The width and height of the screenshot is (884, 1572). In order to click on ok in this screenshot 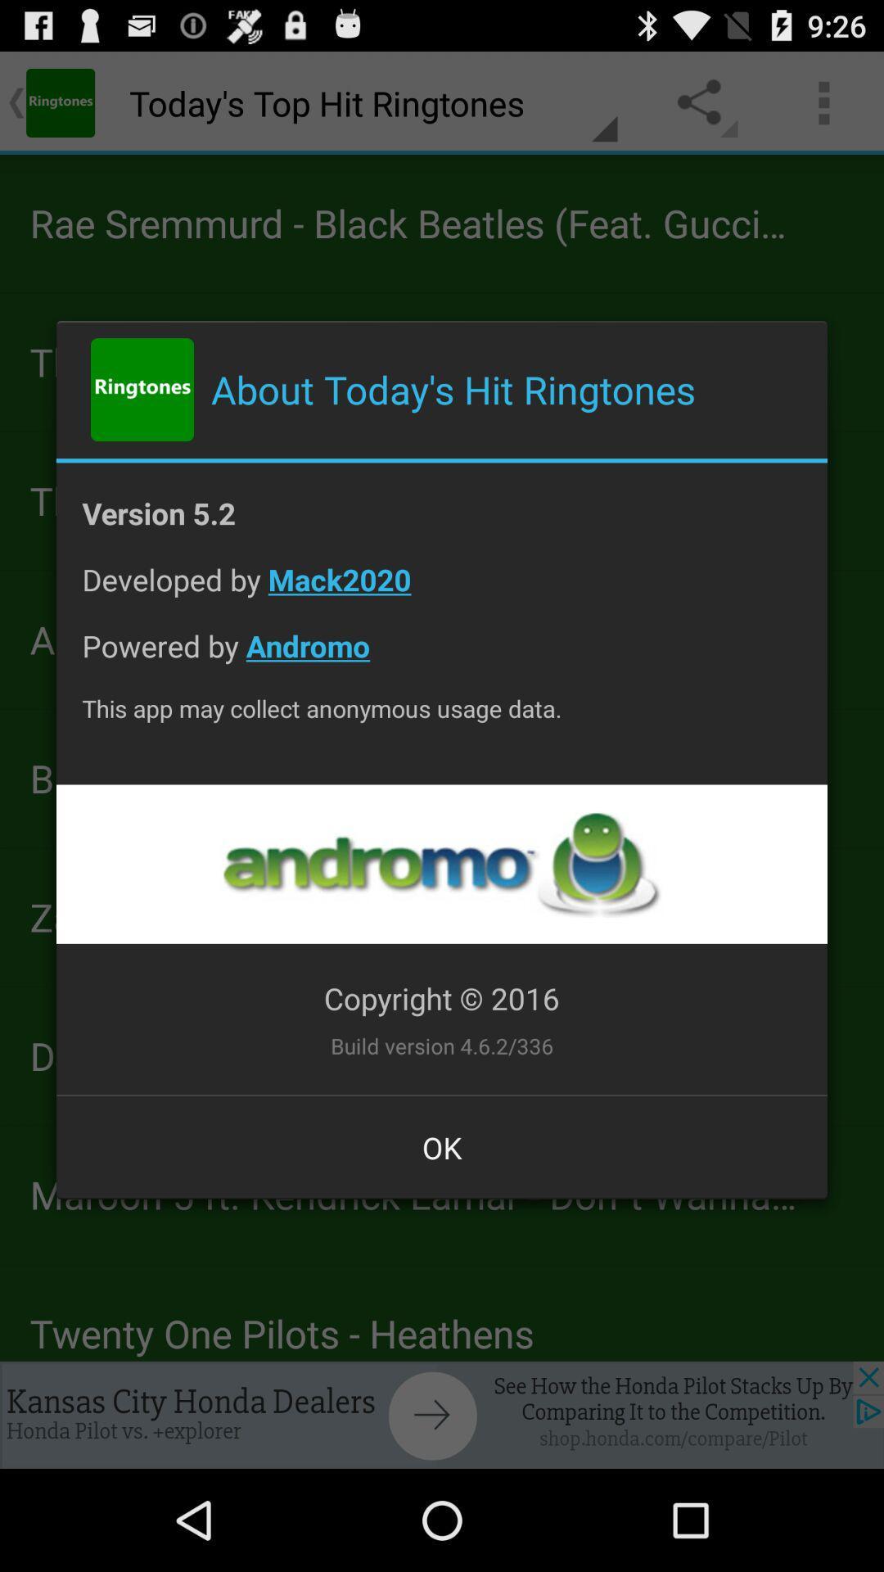, I will do `click(442, 1146)`.